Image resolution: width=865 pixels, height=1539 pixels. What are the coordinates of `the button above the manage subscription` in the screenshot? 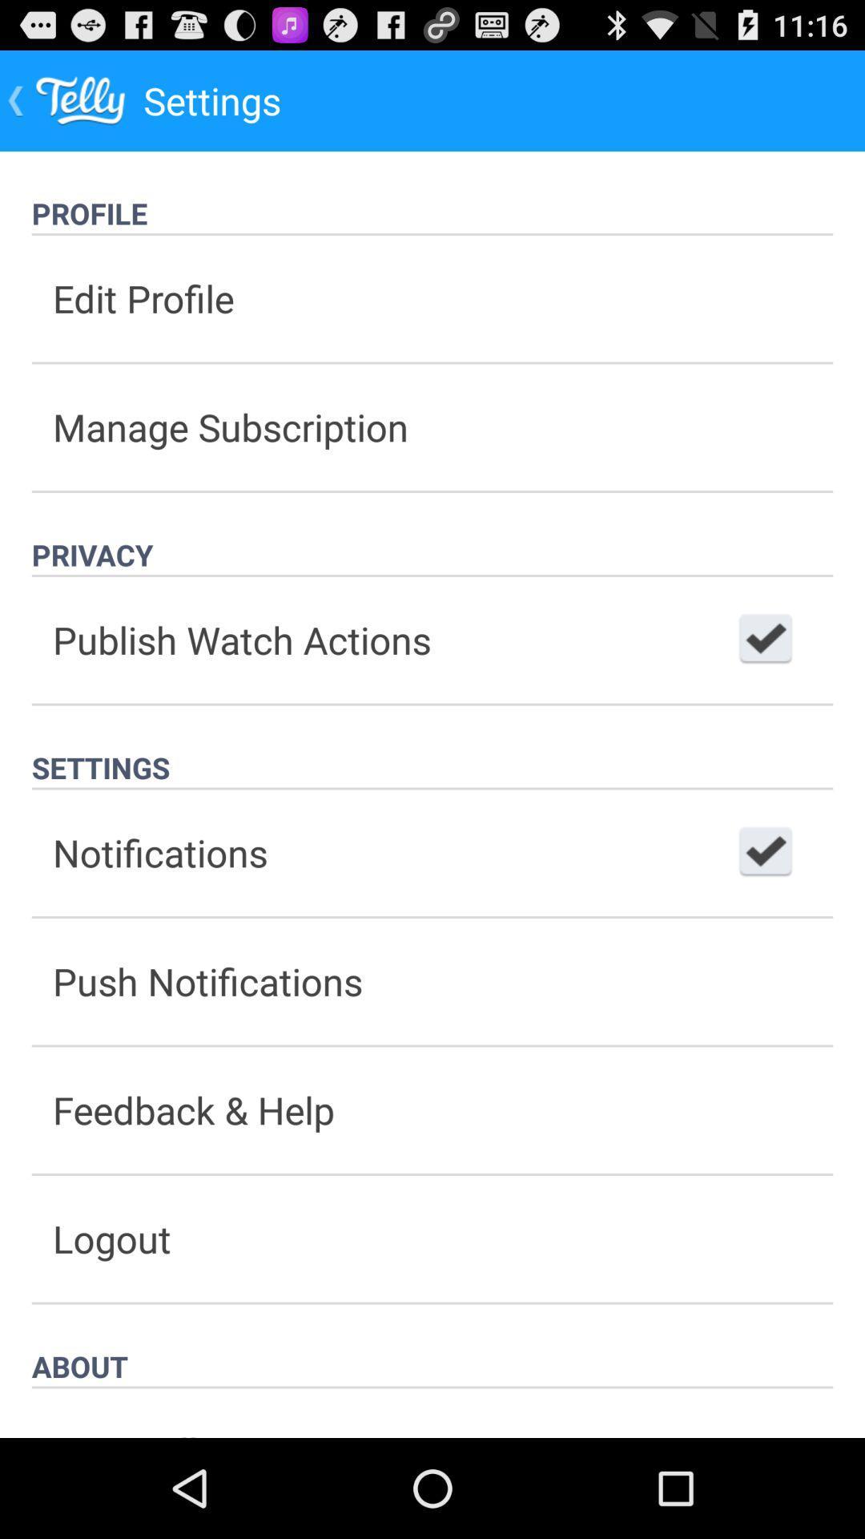 It's located at (432, 298).